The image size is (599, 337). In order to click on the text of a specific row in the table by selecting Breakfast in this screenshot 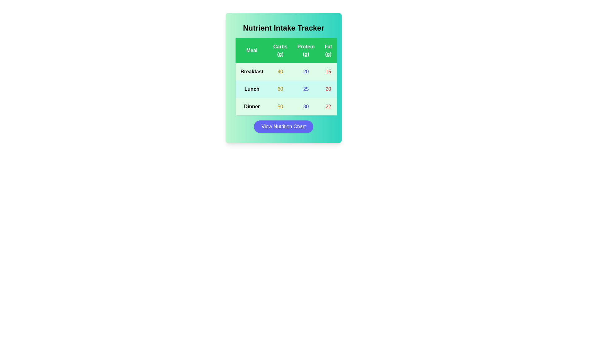, I will do `click(252, 71)`.